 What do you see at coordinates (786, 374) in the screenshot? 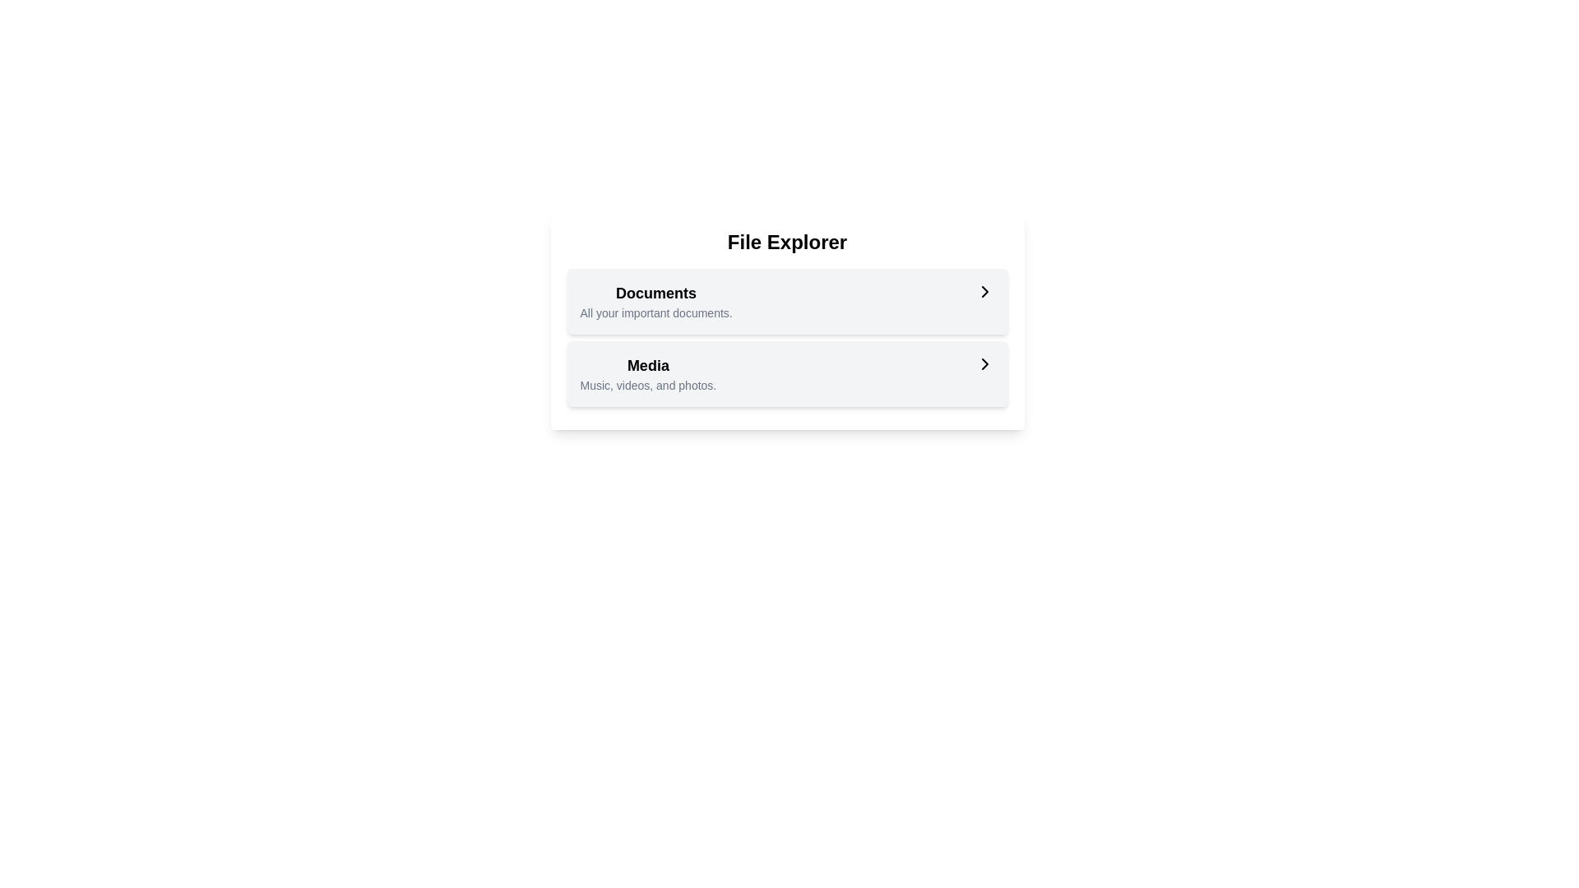
I see `the 'Media' button in the File Explorer card for keyboard navigation` at bounding box center [786, 374].